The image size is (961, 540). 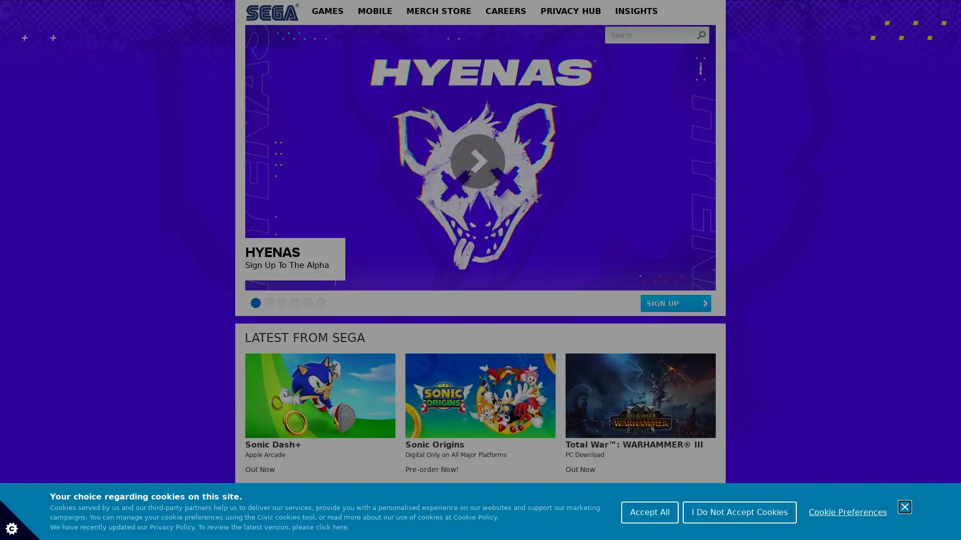 What do you see at coordinates (847, 511) in the screenshot?
I see `Cookie Preferences` at bounding box center [847, 511].